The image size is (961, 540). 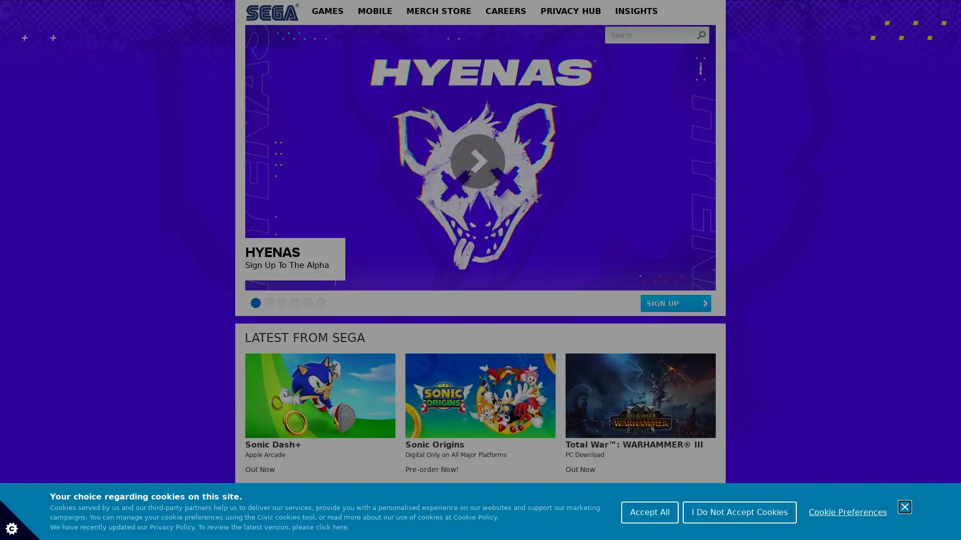 What do you see at coordinates (847, 511) in the screenshot?
I see `Cookie Preferences` at bounding box center [847, 511].